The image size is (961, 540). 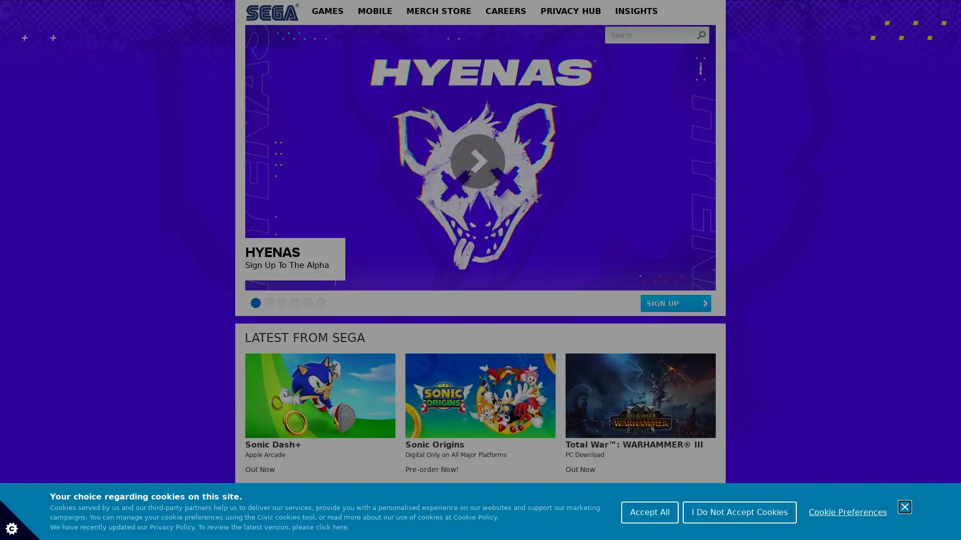 What do you see at coordinates (847, 511) in the screenshot?
I see `Cookie Preferences` at bounding box center [847, 511].